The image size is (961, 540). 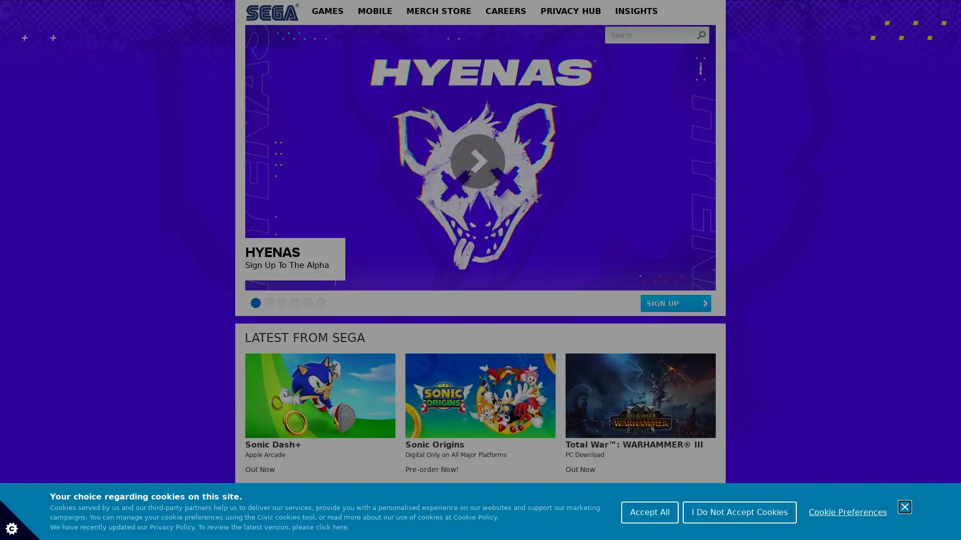 What do you see at coordinates (847, 511) in the screenshot?
I see `Cookie Preferences` at bounding box center [847, 511].